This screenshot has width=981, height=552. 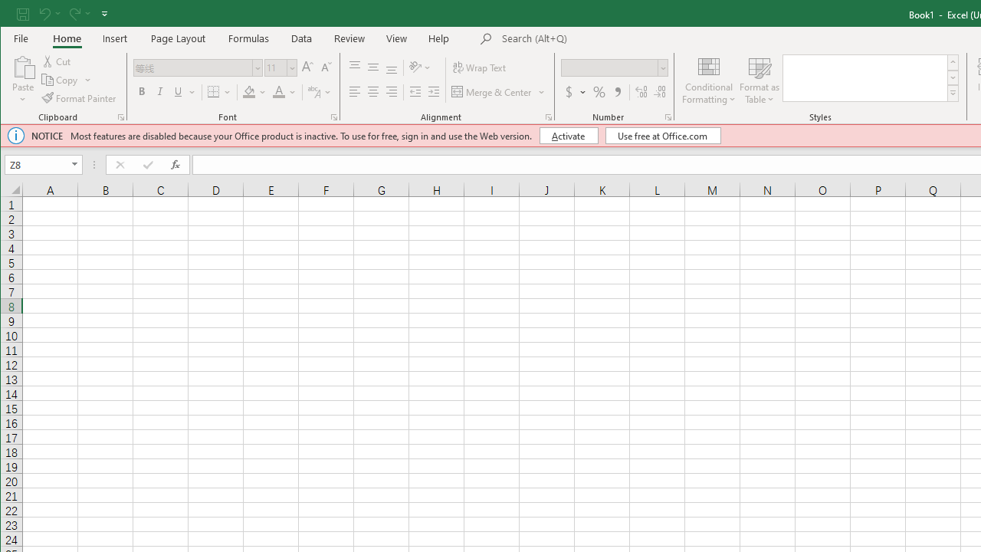 I want to click on 'Italic', so click(x=160, y=92).